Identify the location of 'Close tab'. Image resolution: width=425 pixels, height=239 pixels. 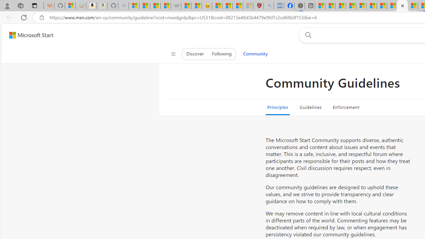
(402, 6).